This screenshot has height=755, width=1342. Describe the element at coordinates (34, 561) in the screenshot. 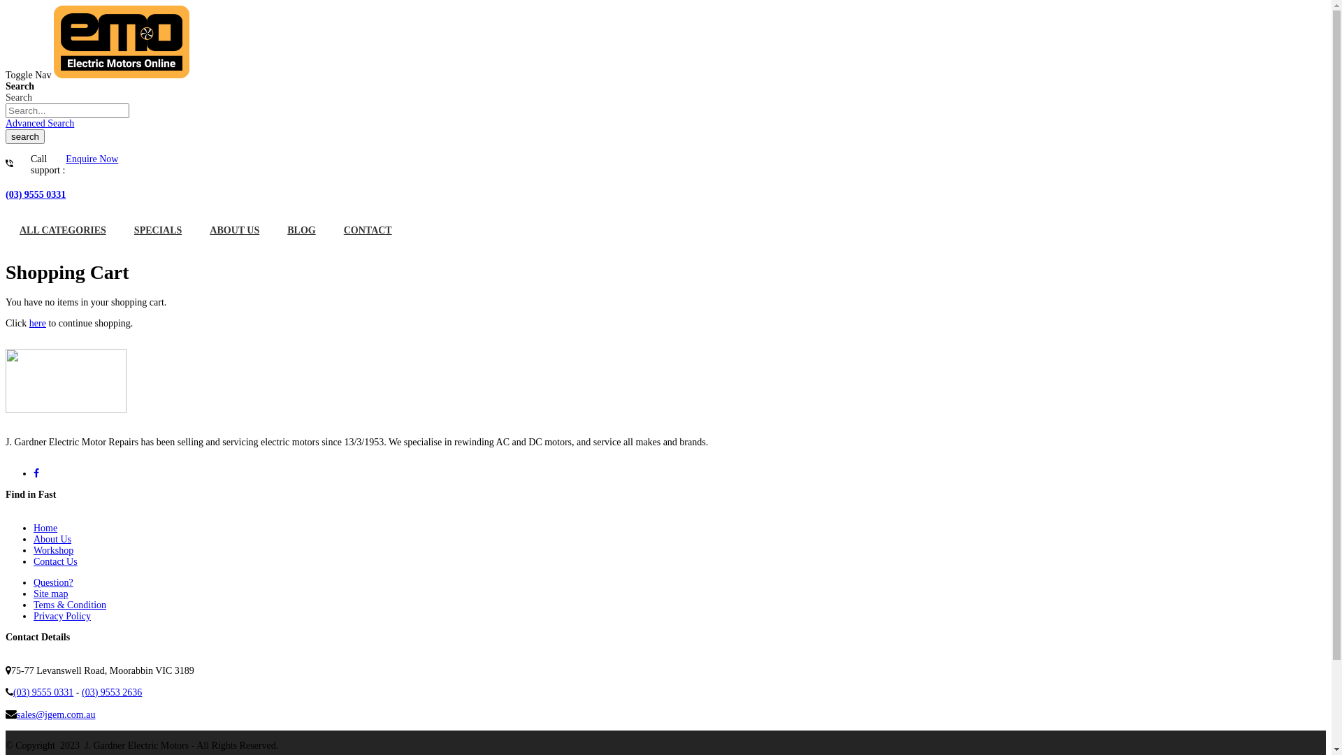

I see `'Contact Us'` at that location.